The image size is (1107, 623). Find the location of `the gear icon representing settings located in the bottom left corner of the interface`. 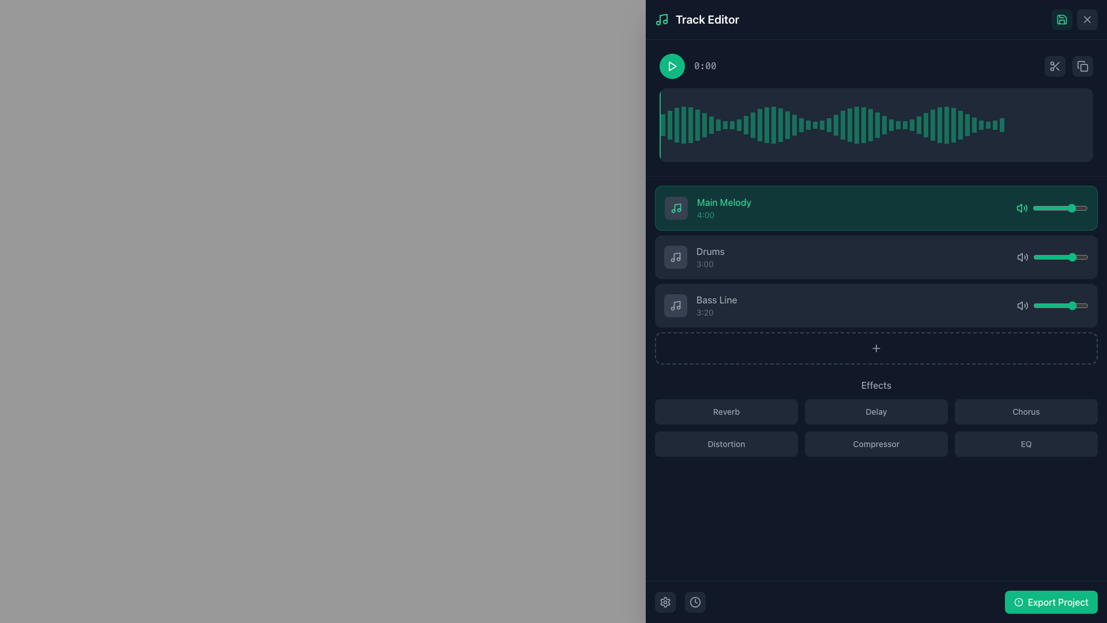

the gear icon representing settings located in the bottom left corner of the interface is located at coordinates (665, 602).